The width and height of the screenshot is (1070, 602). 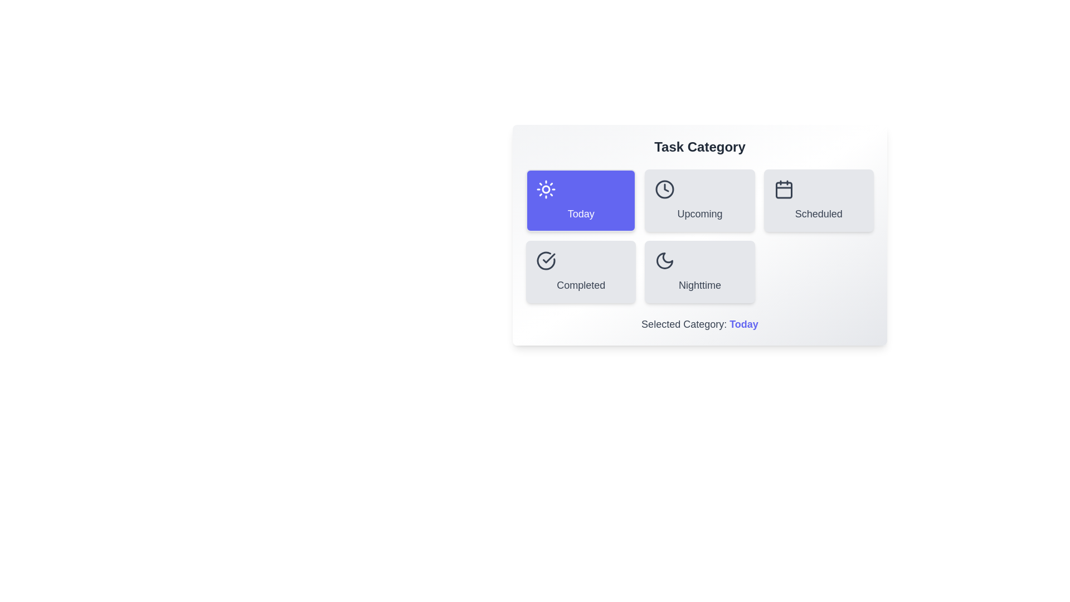 I want to click on the icon of the Today category button, so click(x=546, y=188).